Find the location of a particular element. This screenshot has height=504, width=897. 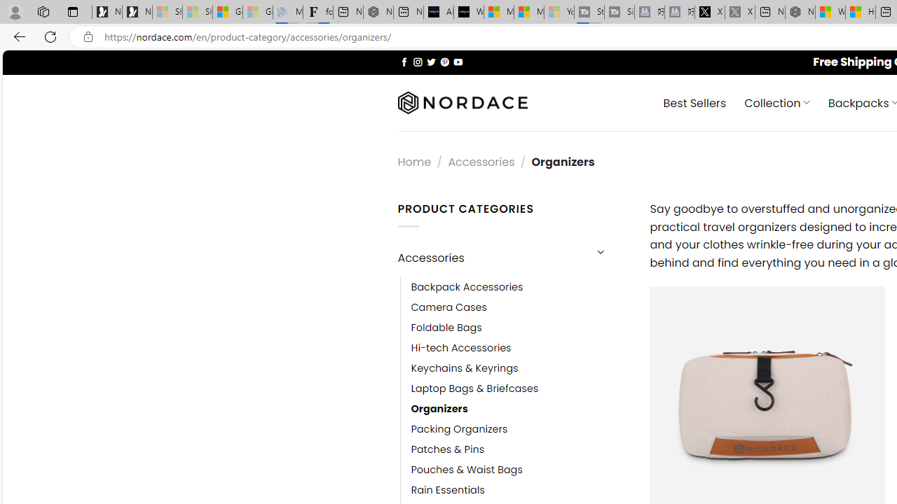

'Camera Cases' is located at coordinates (448, 307).